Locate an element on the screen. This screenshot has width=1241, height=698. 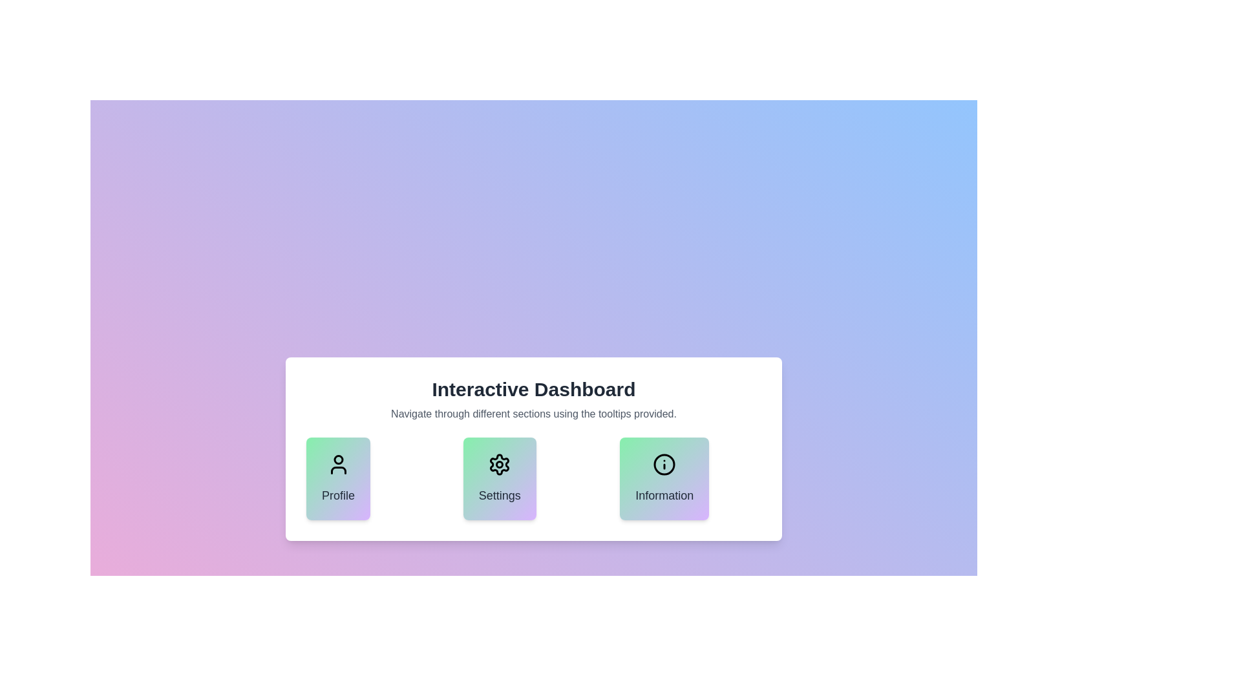
the 'Profile' text label, which is styled in a large, bold, dark gray font and located beneath the user icon in the first card of three horizontally aligned cards is located at coordinates (338, 495).